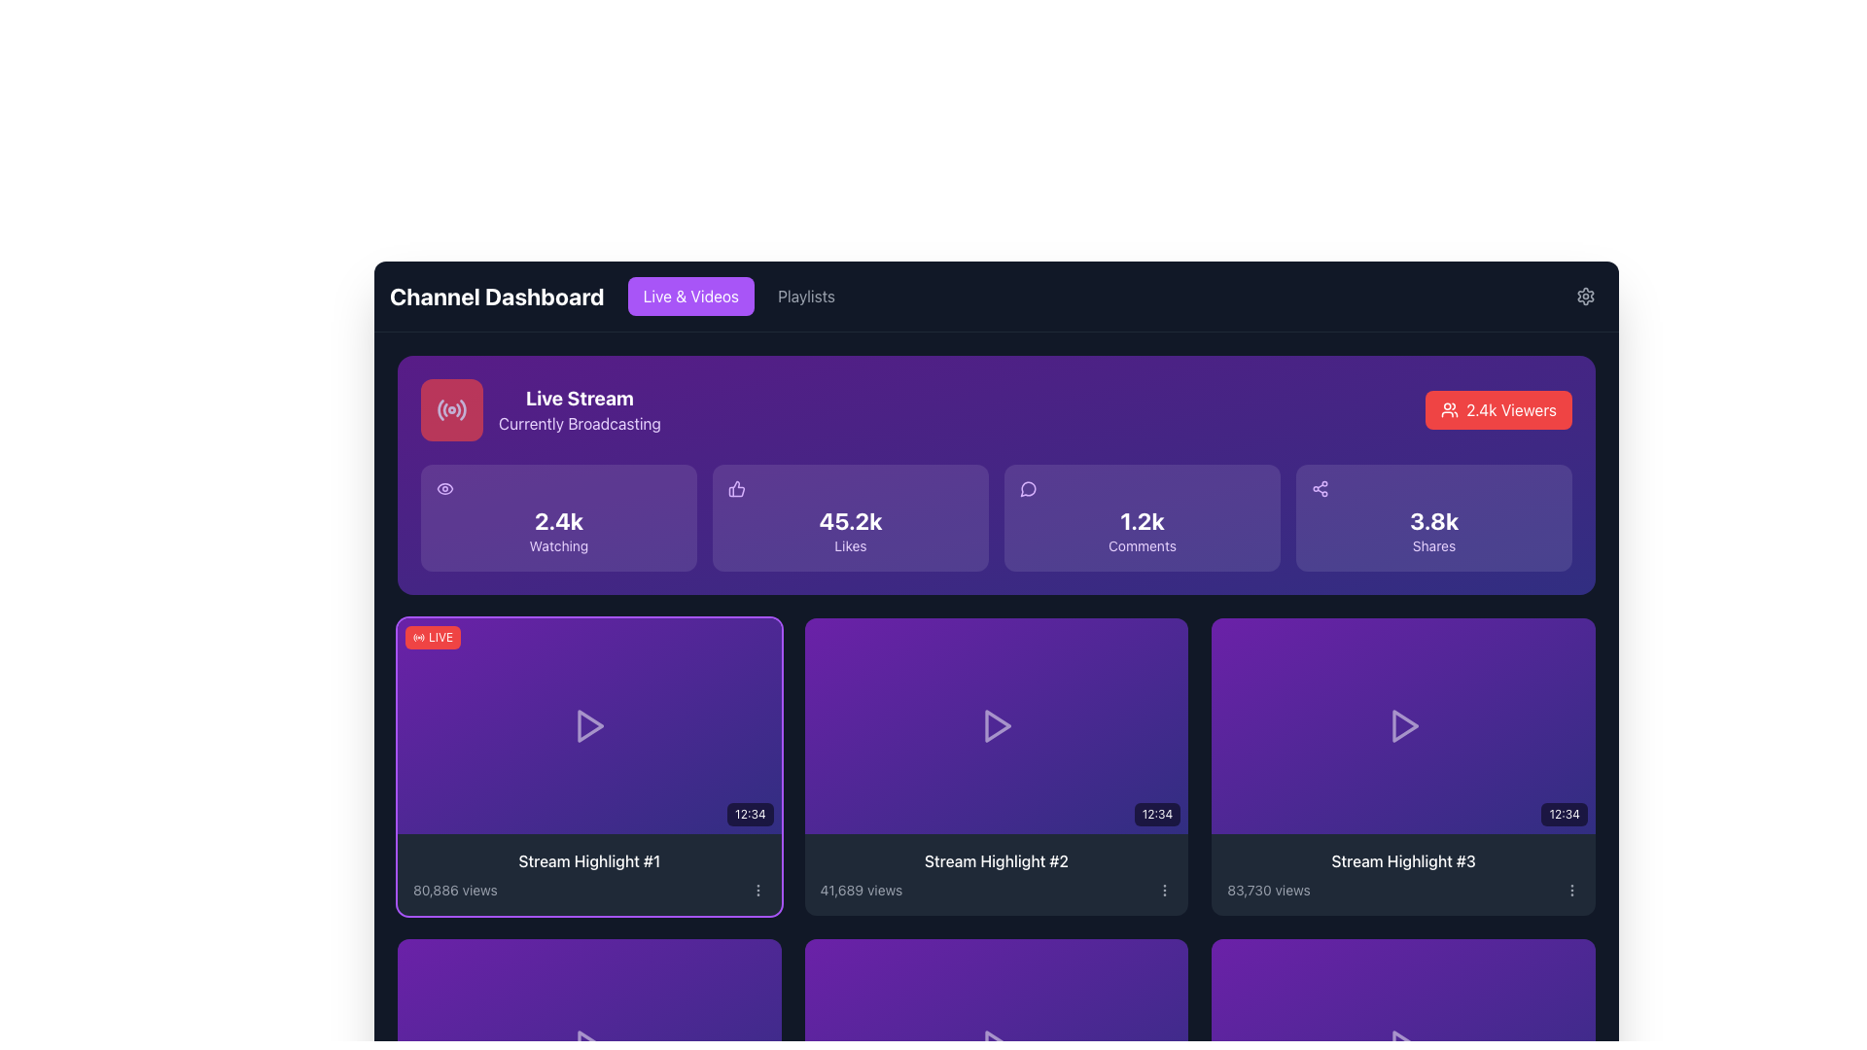  What do you see at coordinates (1586, 296) in the screenshot?
I see `the small gear icon` at bounding box center [1586, 296].